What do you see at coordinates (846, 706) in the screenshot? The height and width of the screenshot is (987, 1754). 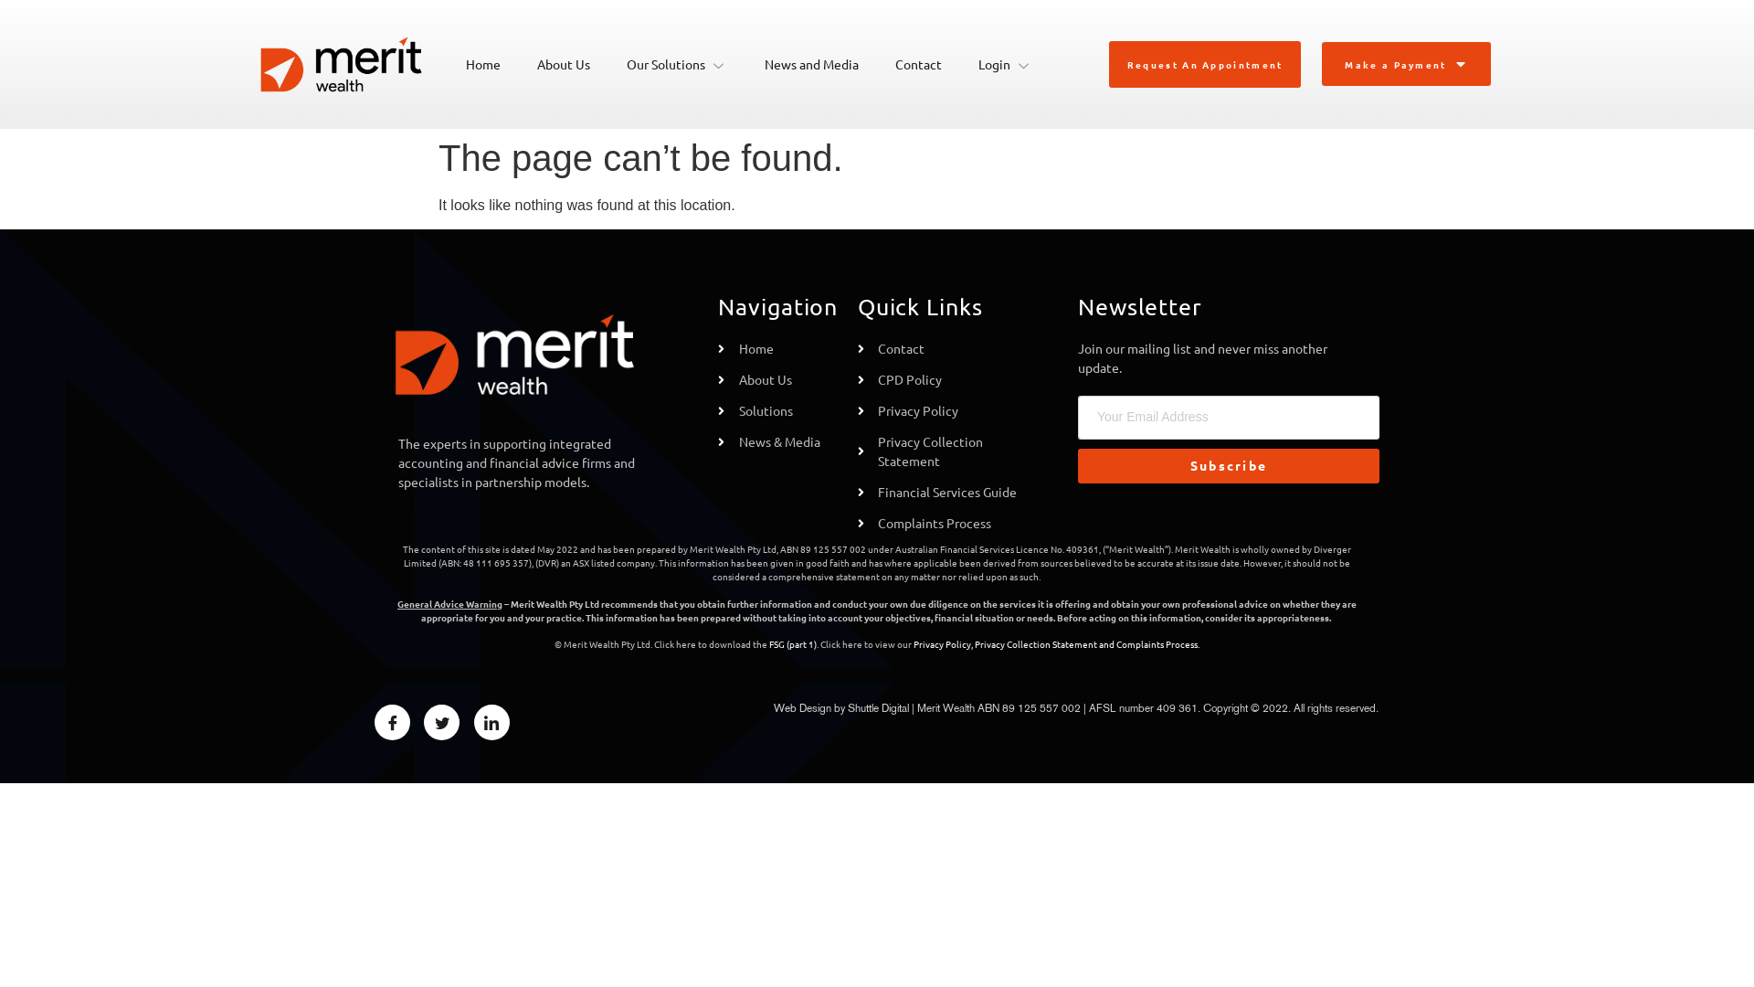 I see `'Shuttle Digital'` at bounding box center [846, 706].